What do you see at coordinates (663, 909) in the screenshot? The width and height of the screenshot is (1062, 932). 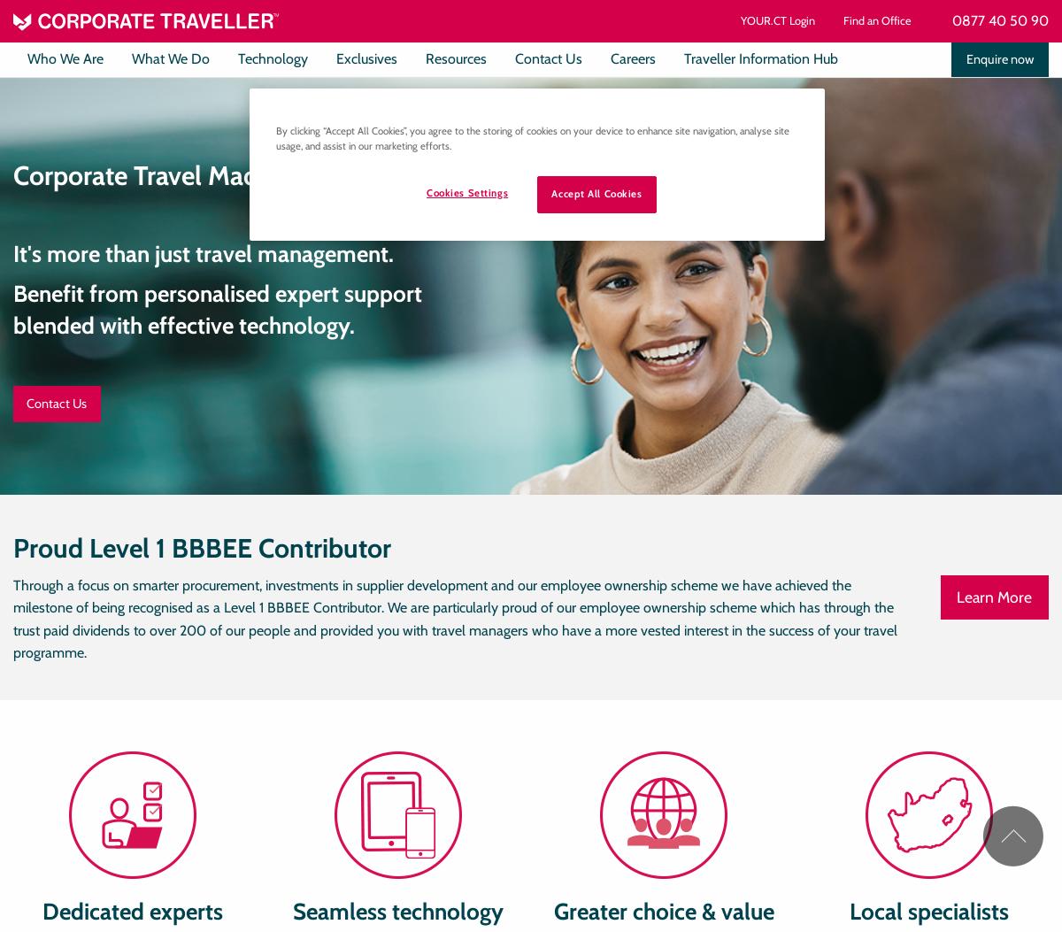 I see `'Greater choice & value'` at bounding box center [663, 909].